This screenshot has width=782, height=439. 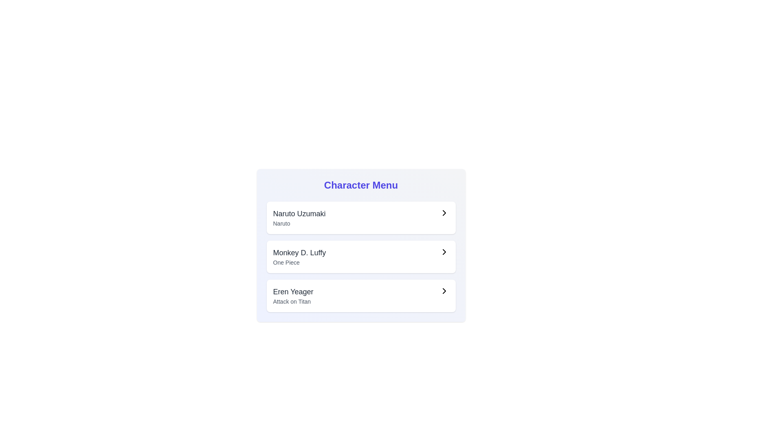 What do you see at coordinates (293, 296) in the screenshot?
I see `the 'Eren Yeager' text in the Character Menu` at bounding box center [293, 296].